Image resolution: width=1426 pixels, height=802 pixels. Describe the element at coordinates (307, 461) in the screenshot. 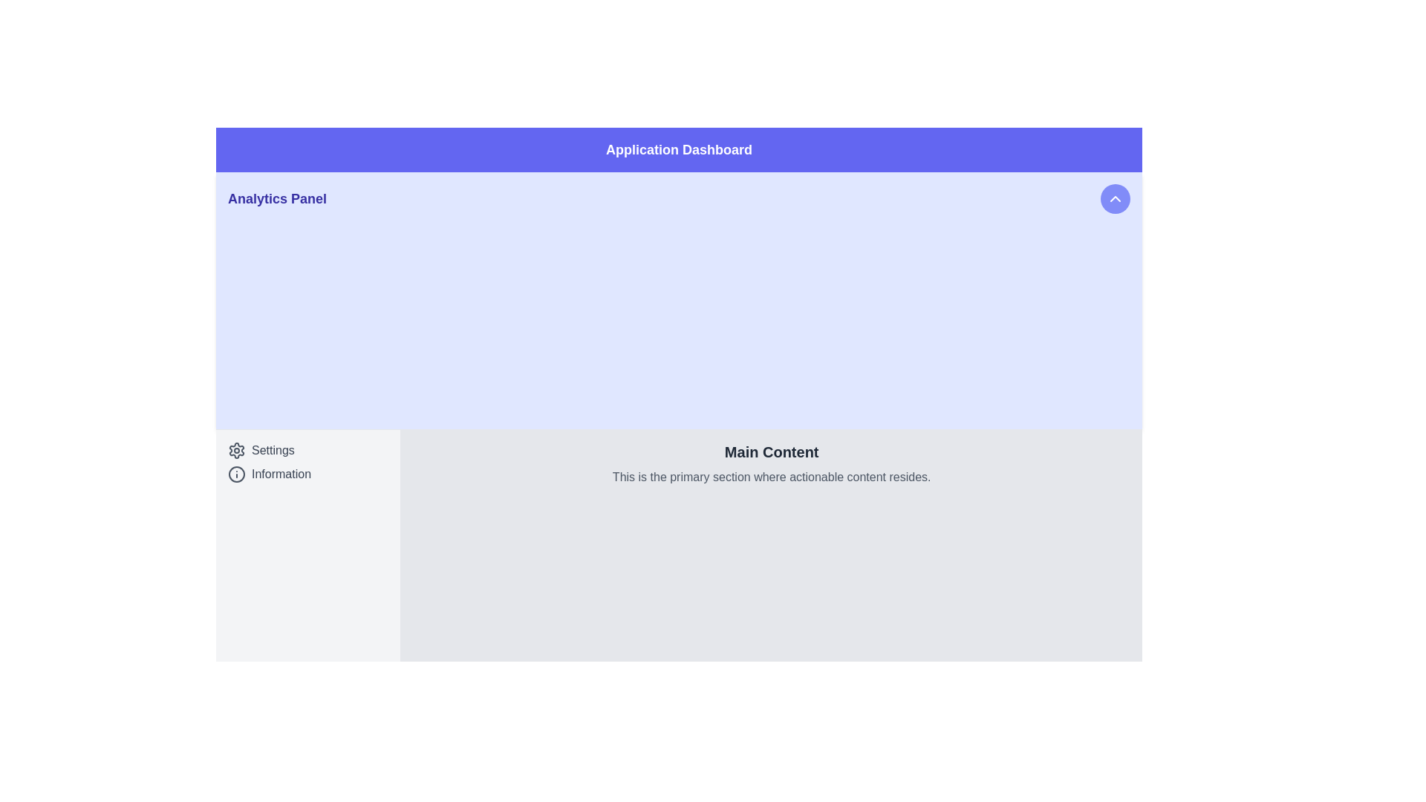

I see `the 'Information' menu item in the vertical menu located in the left column under the 'Analytics Panel'` at that location.